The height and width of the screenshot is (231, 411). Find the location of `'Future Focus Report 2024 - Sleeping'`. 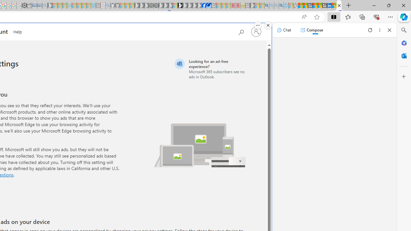

'Future Focus Report 2024 - Sleeping' is located at coordinates (156, 5).